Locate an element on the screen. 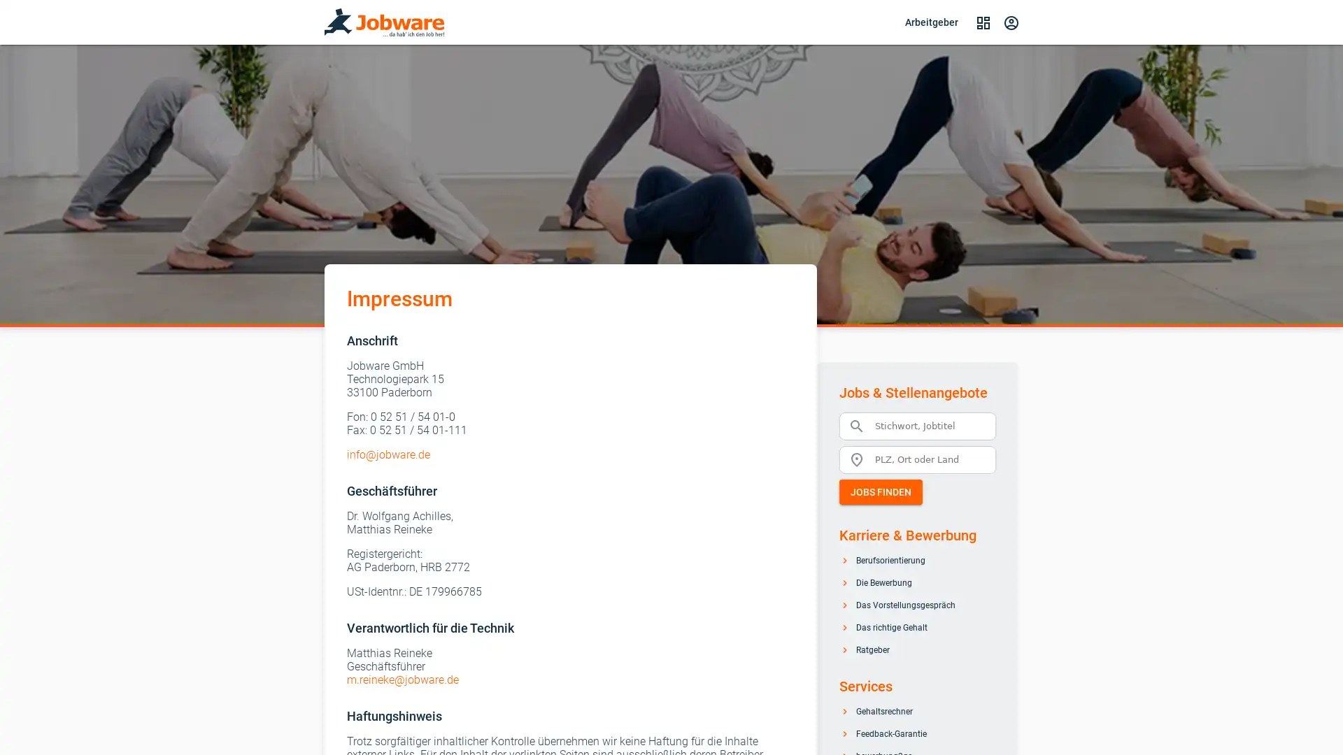 Image resolution: width=1343 pixels, height=755 pixels. Login is located at coordinates (1011, 22).